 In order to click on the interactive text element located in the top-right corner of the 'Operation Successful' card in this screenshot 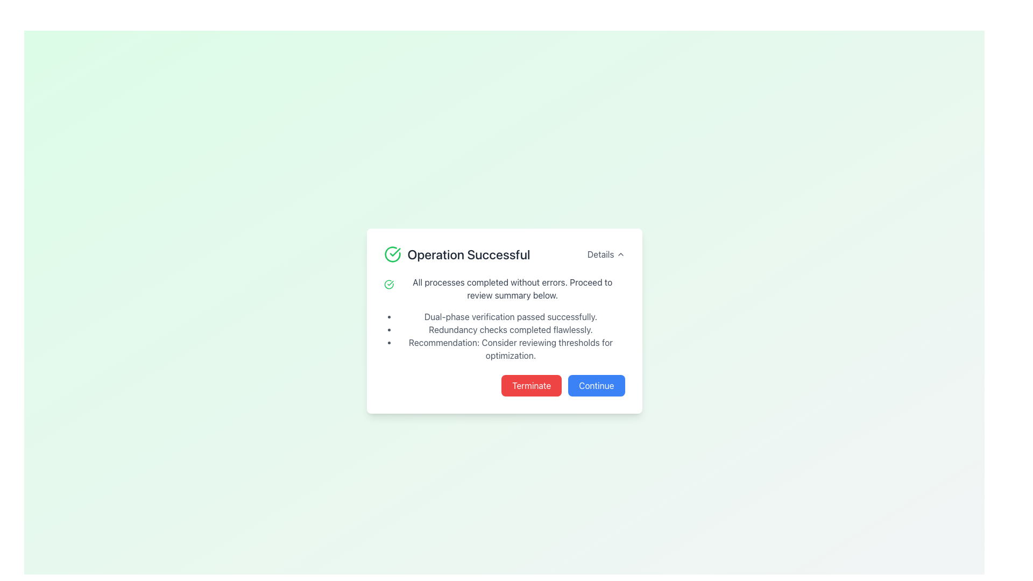, I will do `click(606, 254)`.